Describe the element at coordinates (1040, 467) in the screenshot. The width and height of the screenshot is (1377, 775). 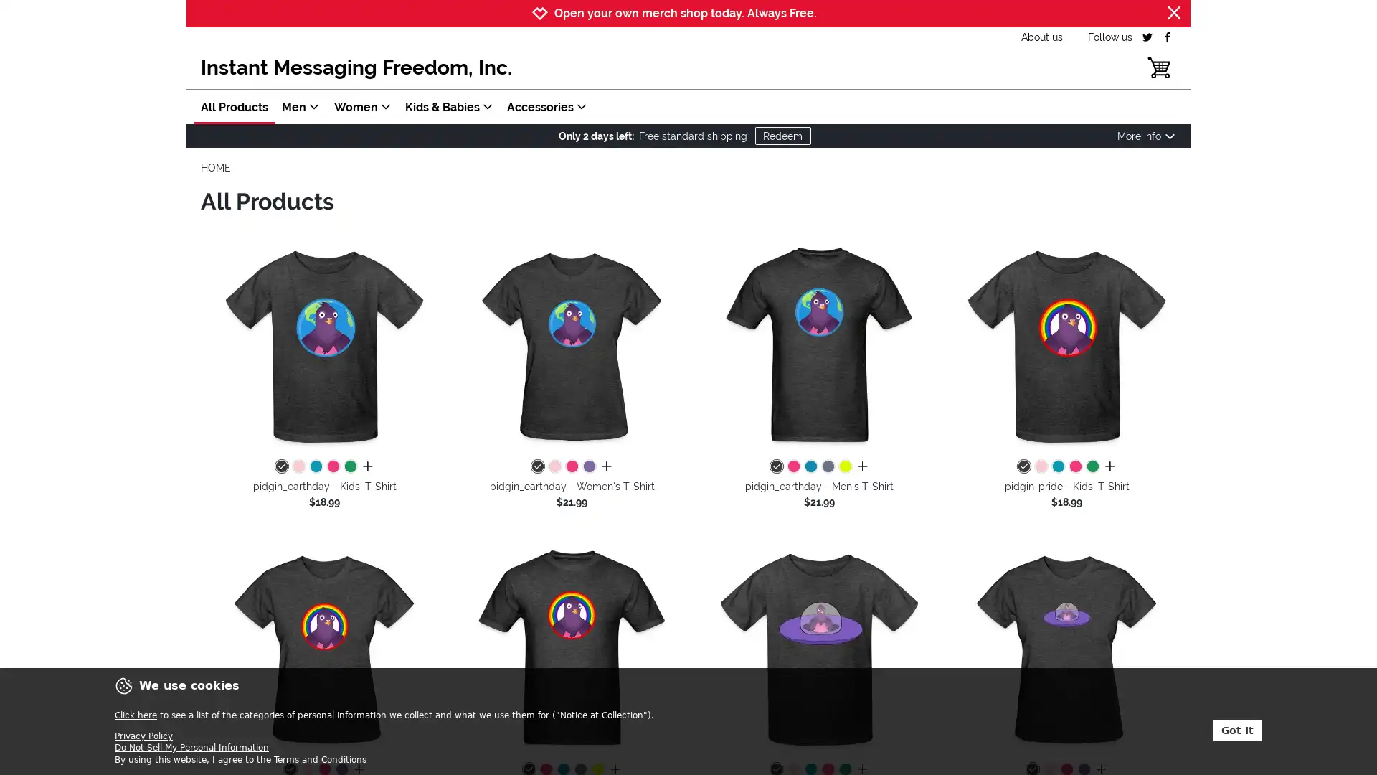
I see `pink` at that location.